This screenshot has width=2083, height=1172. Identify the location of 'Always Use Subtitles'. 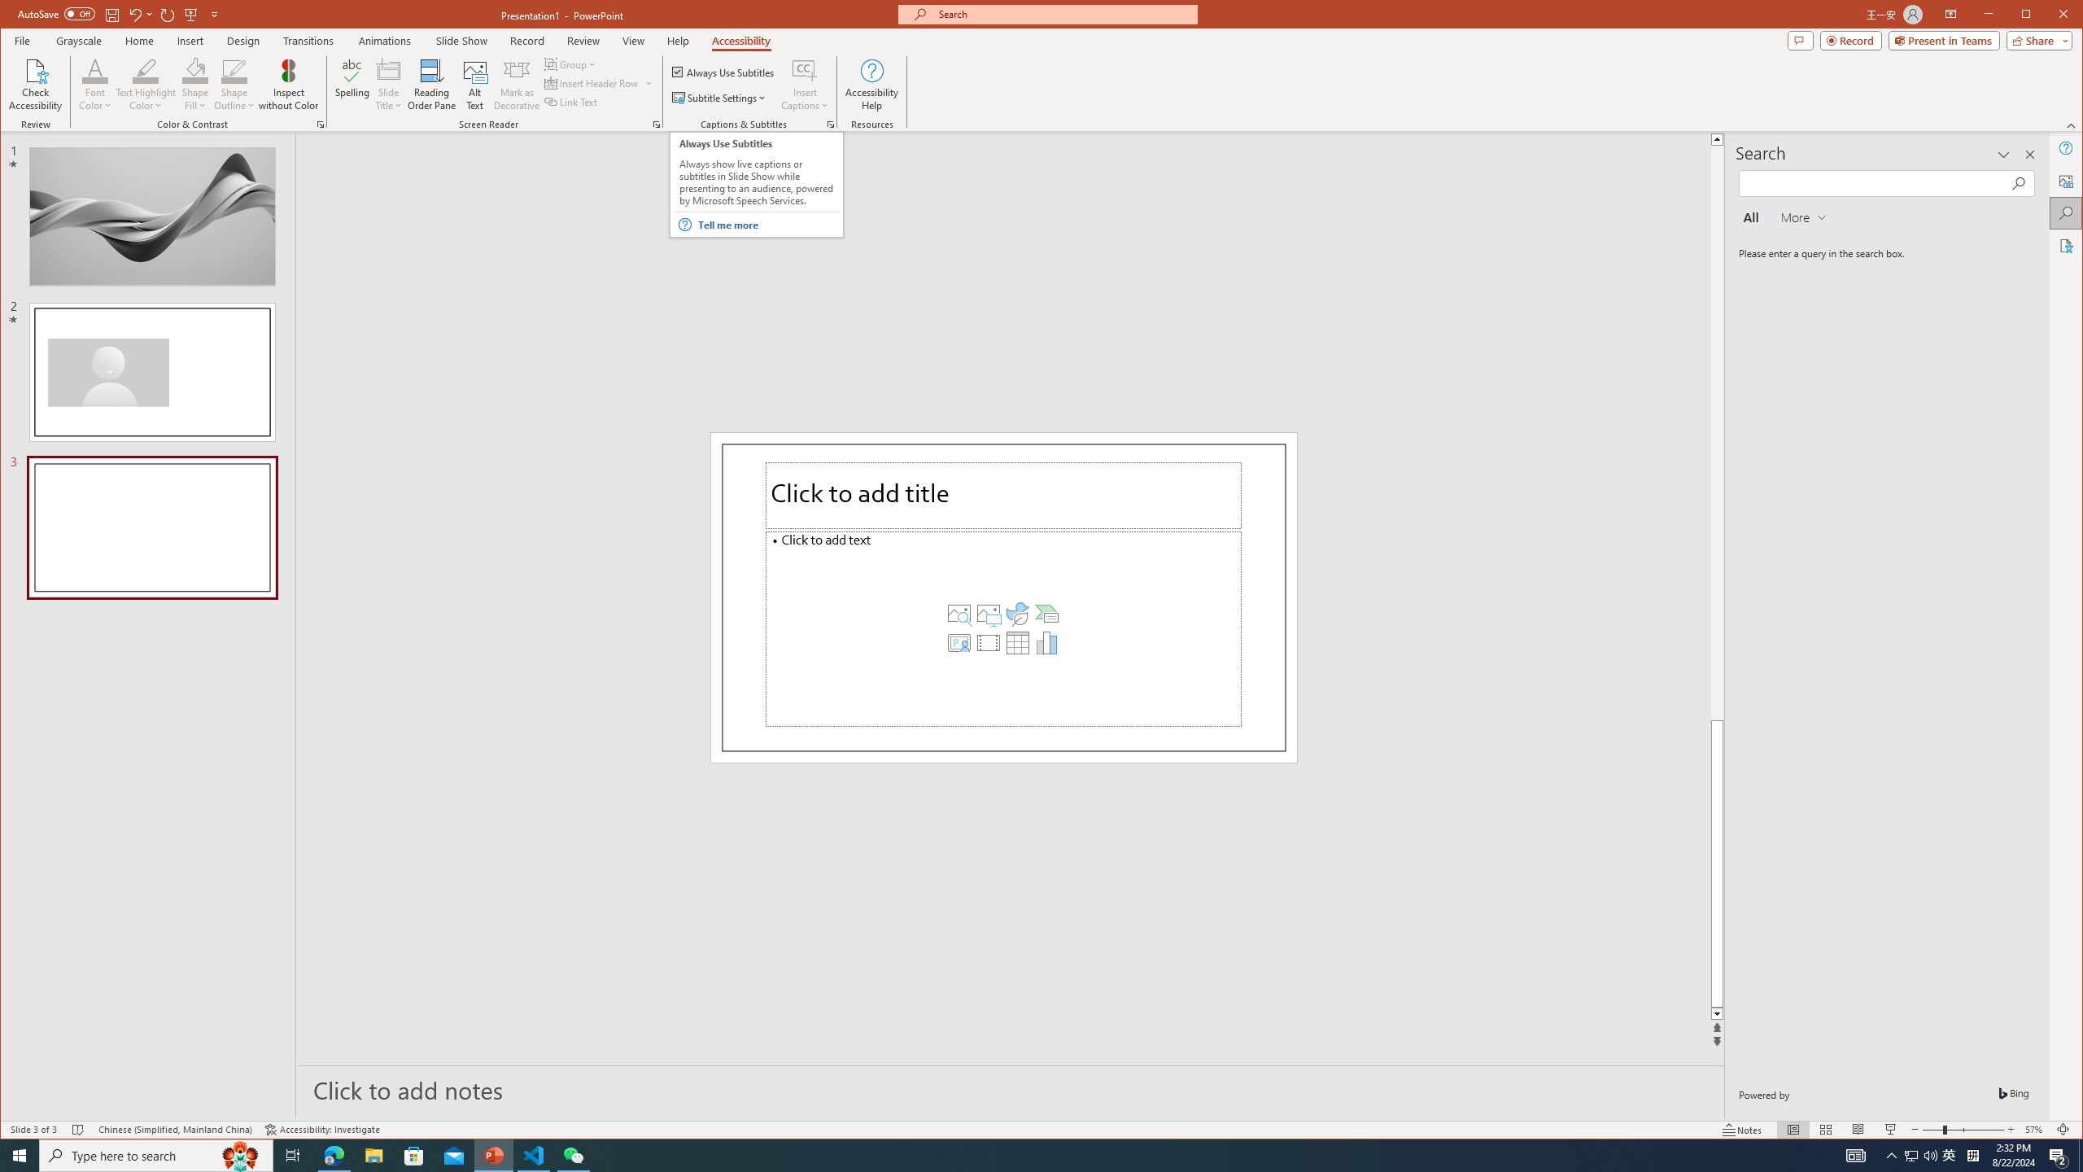
(723, 71).